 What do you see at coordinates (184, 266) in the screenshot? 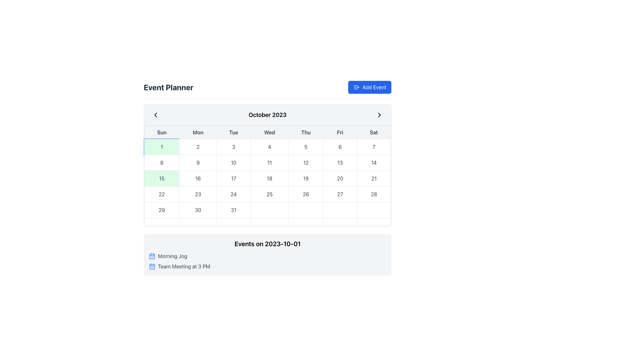
I see `the text label displaying 'Team Meeting at 3 PM', which is the second item in the list of scheduled events for October 1, 2023, positioned below 'Morning Jog'` at bounding box center [184, 266].